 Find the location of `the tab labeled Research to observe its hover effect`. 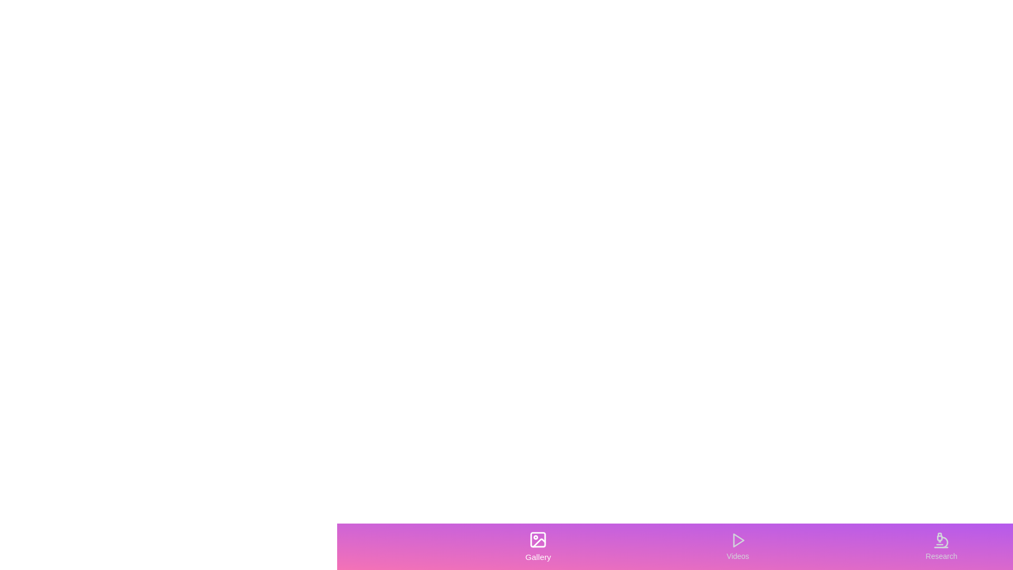

the tab labeled Research to observe its hover effect is located at coordinates (941, 546).